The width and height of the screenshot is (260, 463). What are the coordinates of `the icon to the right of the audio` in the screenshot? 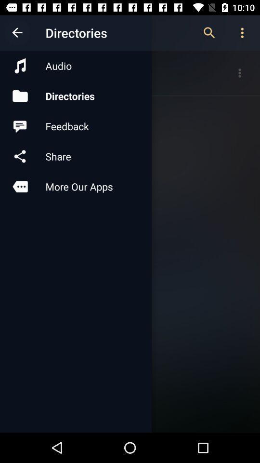 It's located at (209, 33).